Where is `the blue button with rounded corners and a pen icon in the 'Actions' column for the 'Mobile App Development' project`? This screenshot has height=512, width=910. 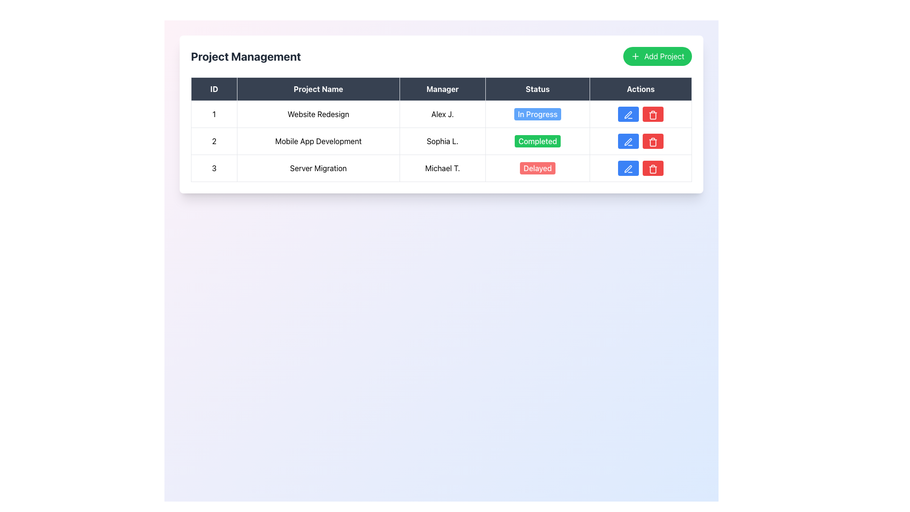 the blue button with rounded corners and a pen icon in the 'Actions' column for the 'Mobile App Development' project is located at coordinates (628, 141).